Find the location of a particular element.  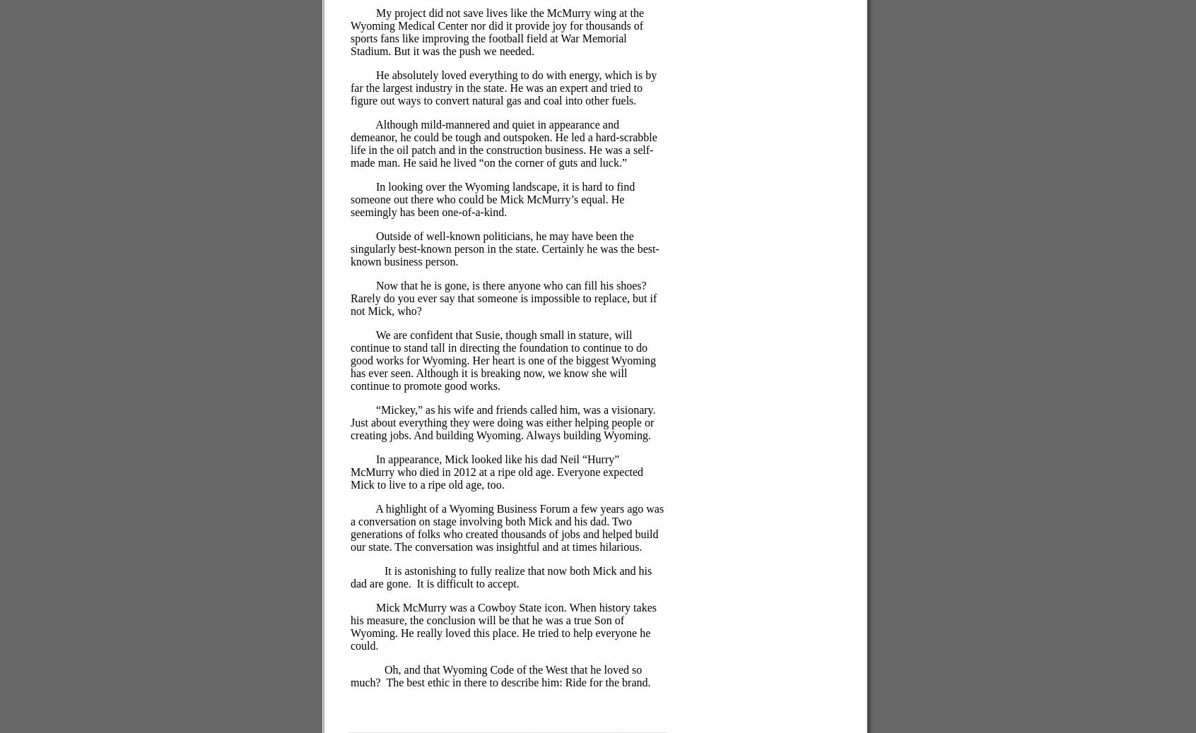

'Outside of
well-known politicians, he may have been the singularly best-known person in
the state. Certainly he was the best-known business person.' is located at coordinates (504, 248).